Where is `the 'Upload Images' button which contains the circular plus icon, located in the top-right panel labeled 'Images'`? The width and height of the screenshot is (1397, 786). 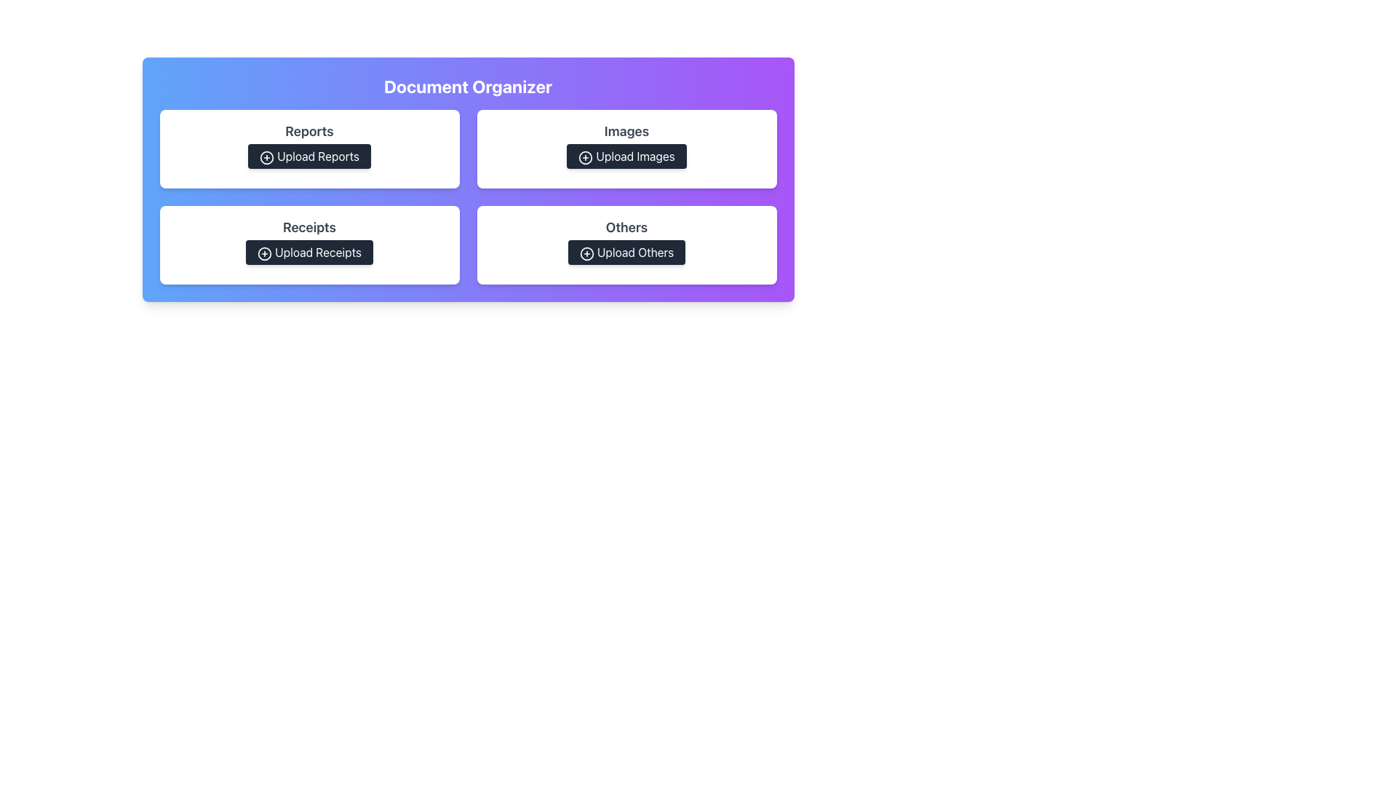
the 'Upload Images' button which contains the circular plus icon, located in the top-right panel labeled 'Images' is located at coordinates (586, 157).